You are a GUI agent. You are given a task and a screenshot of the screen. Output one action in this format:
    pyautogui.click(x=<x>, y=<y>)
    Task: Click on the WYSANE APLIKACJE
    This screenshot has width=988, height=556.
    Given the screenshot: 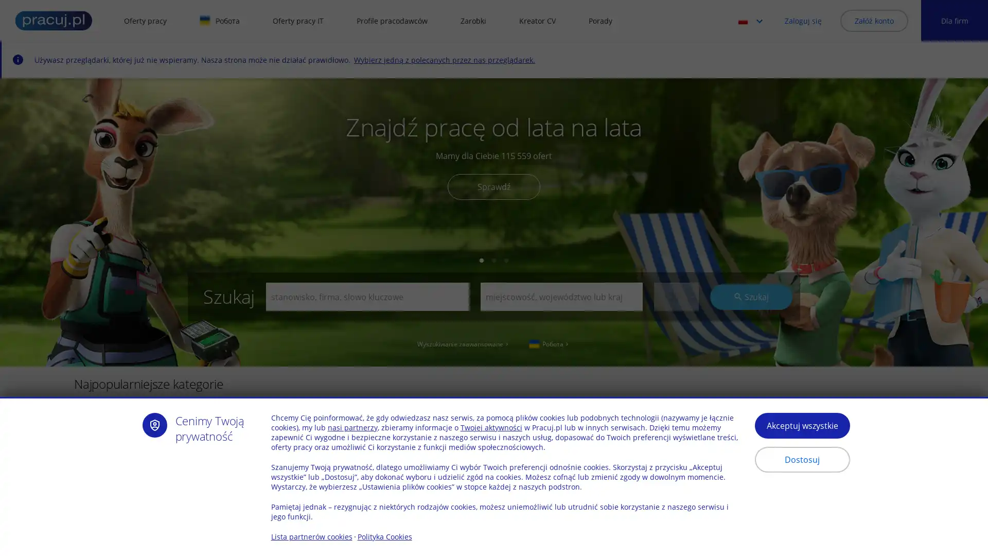 What is the action you would take?
    pyautogui.click(x=326, y=506)
    